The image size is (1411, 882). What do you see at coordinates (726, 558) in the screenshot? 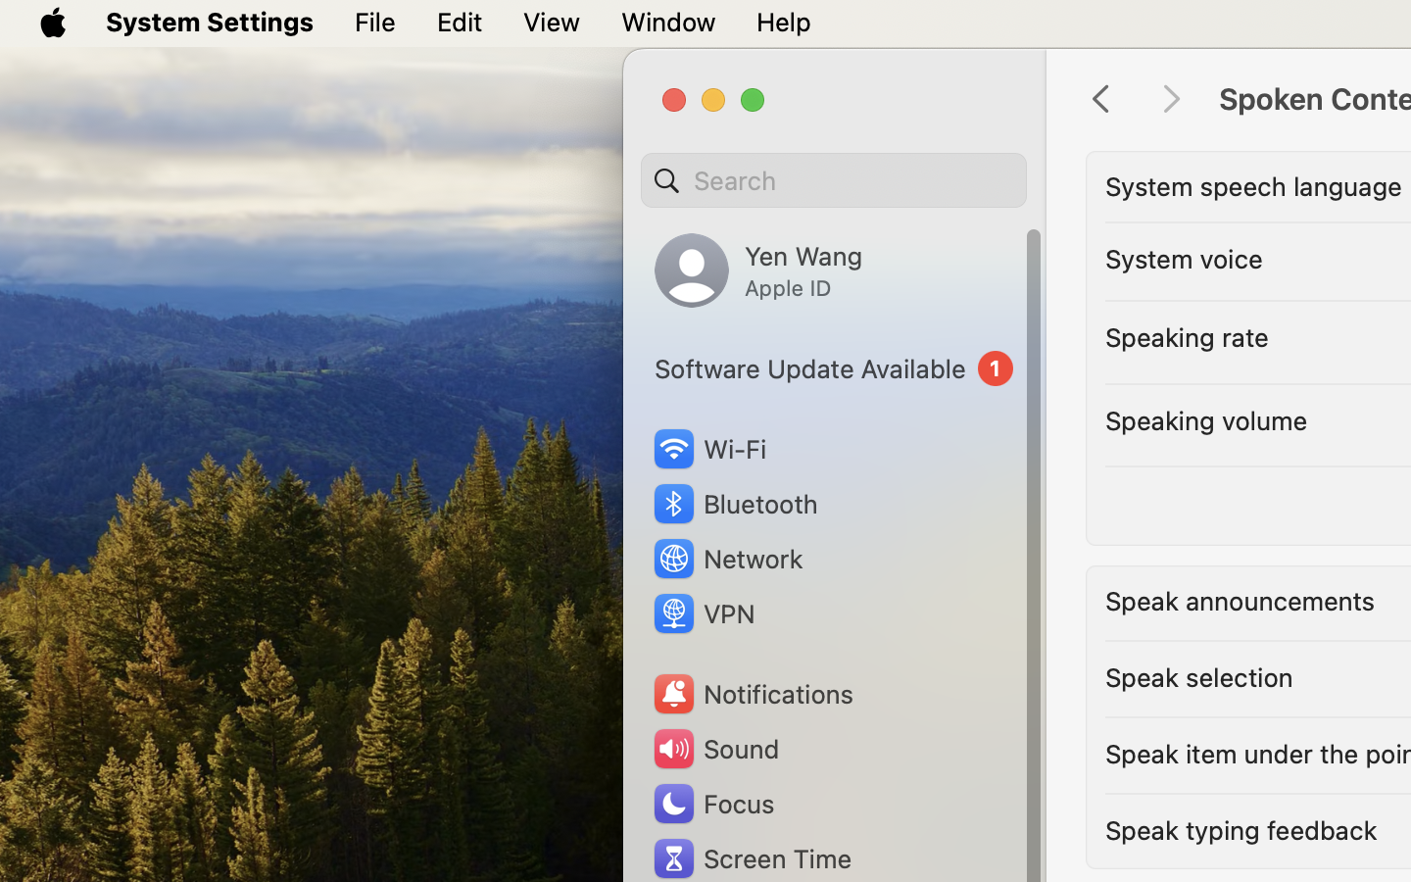
I see `'Network'` at bounding box center [726, 558].